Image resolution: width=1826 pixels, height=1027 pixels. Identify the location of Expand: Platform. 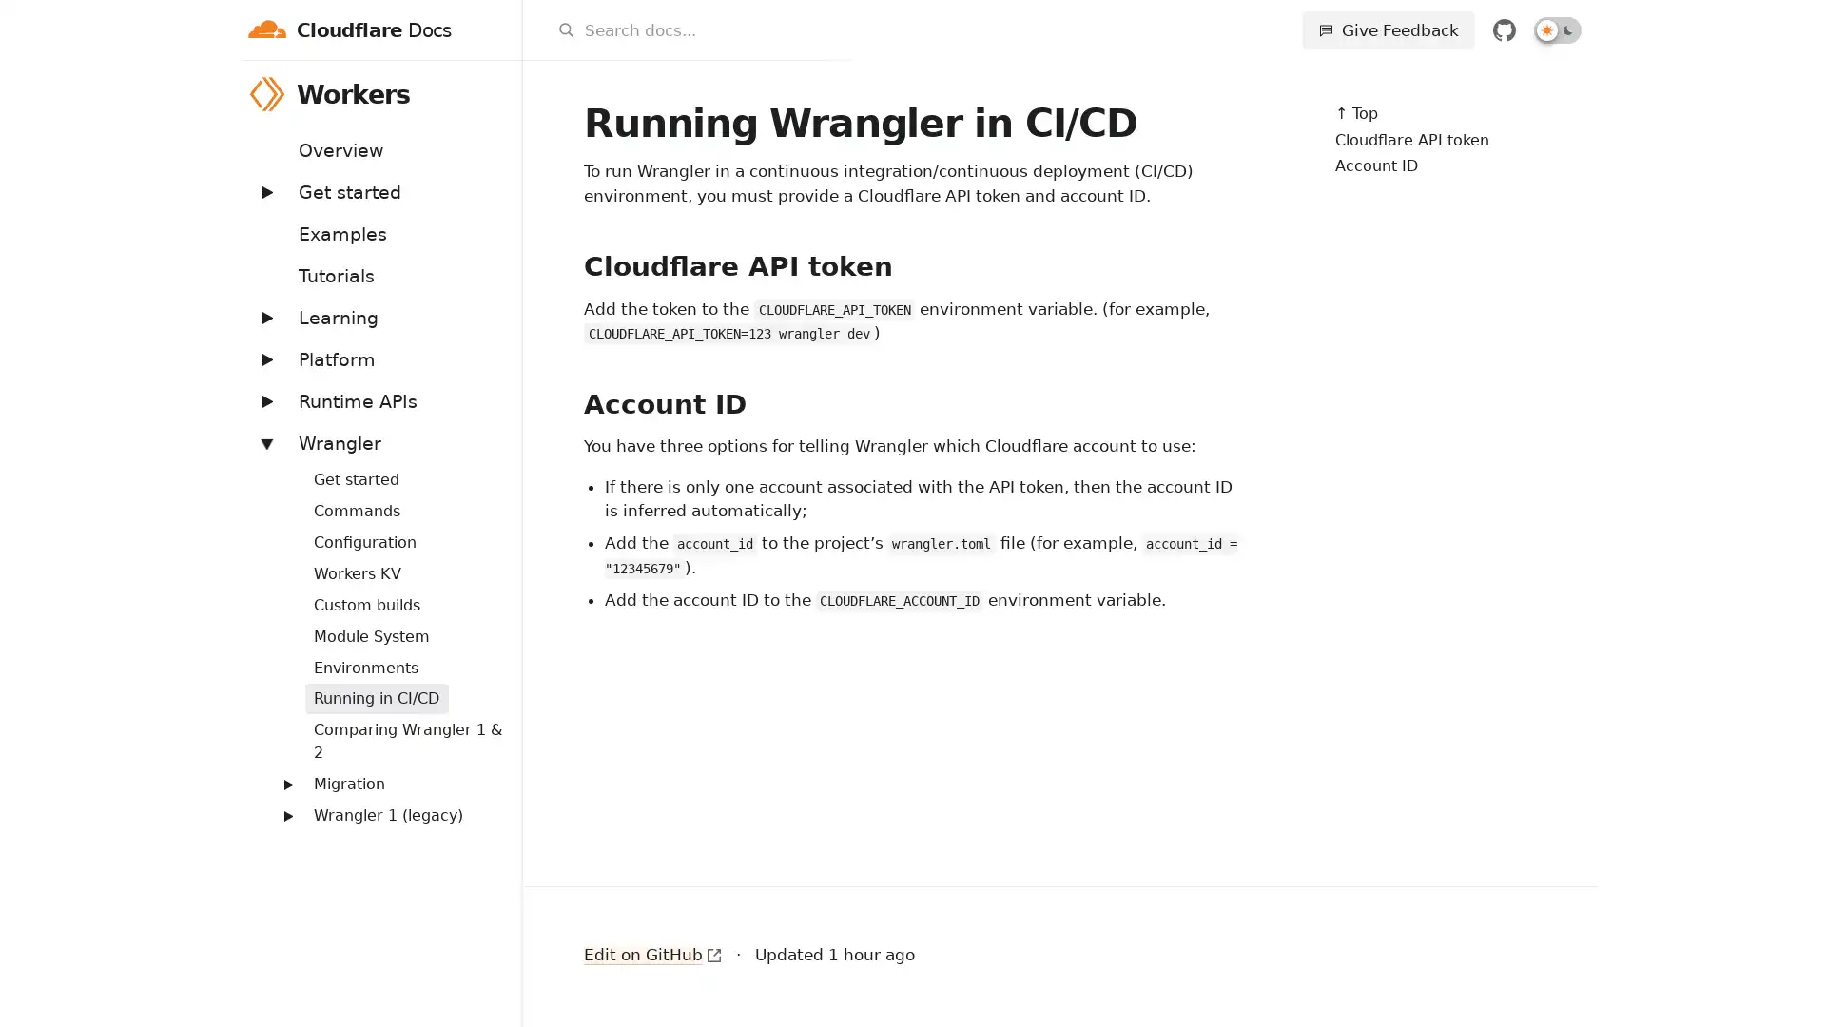
(264, 358).